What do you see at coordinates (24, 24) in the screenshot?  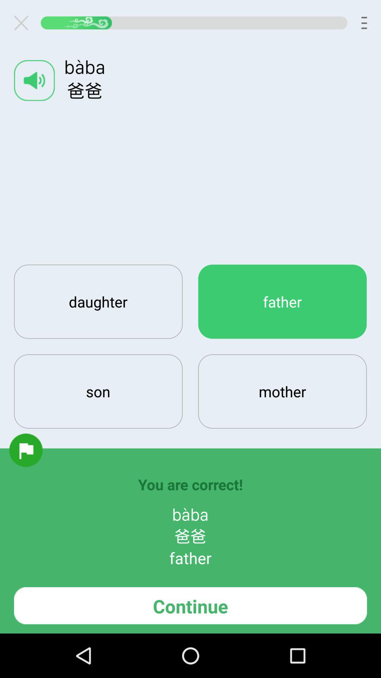 I see `the close icon` at bounding box center [24, 24].